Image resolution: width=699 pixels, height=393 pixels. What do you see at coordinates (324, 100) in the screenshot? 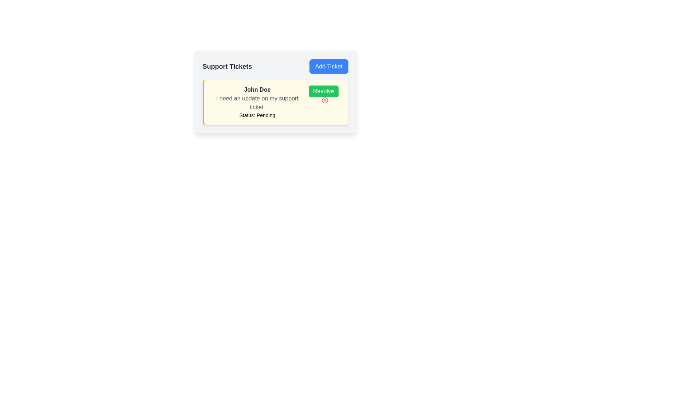
I see `the circular SVG icon indicating a 'close' or 'remove' action associated with the support ticket` at bounding box center [324, 100].